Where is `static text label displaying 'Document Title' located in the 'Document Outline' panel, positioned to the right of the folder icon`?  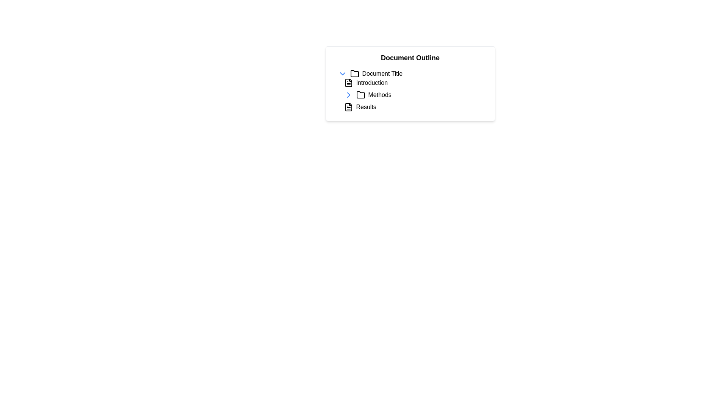 static text label displaying 'Document Title' located in the 'Document Outline' panel, positioned to the right of the folder icon is located at coordinates (382, 74).